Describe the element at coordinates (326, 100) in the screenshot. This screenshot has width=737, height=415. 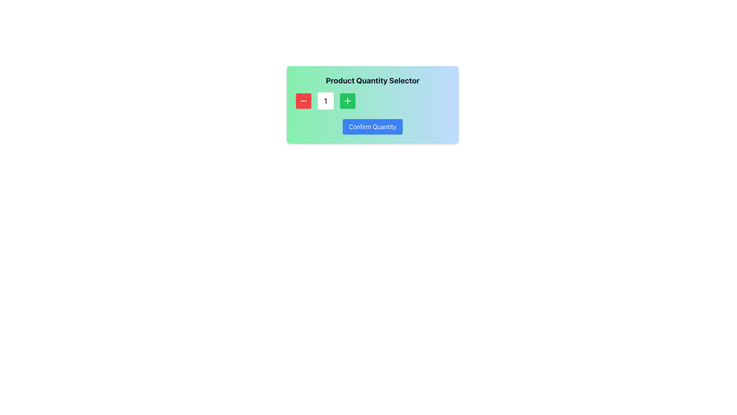
I see `the static text display labeled '1', which is a rectangular component with a white background and black bold character, located centrally between a red minus button and a green plus button in the product quantity selector interface` at that location.